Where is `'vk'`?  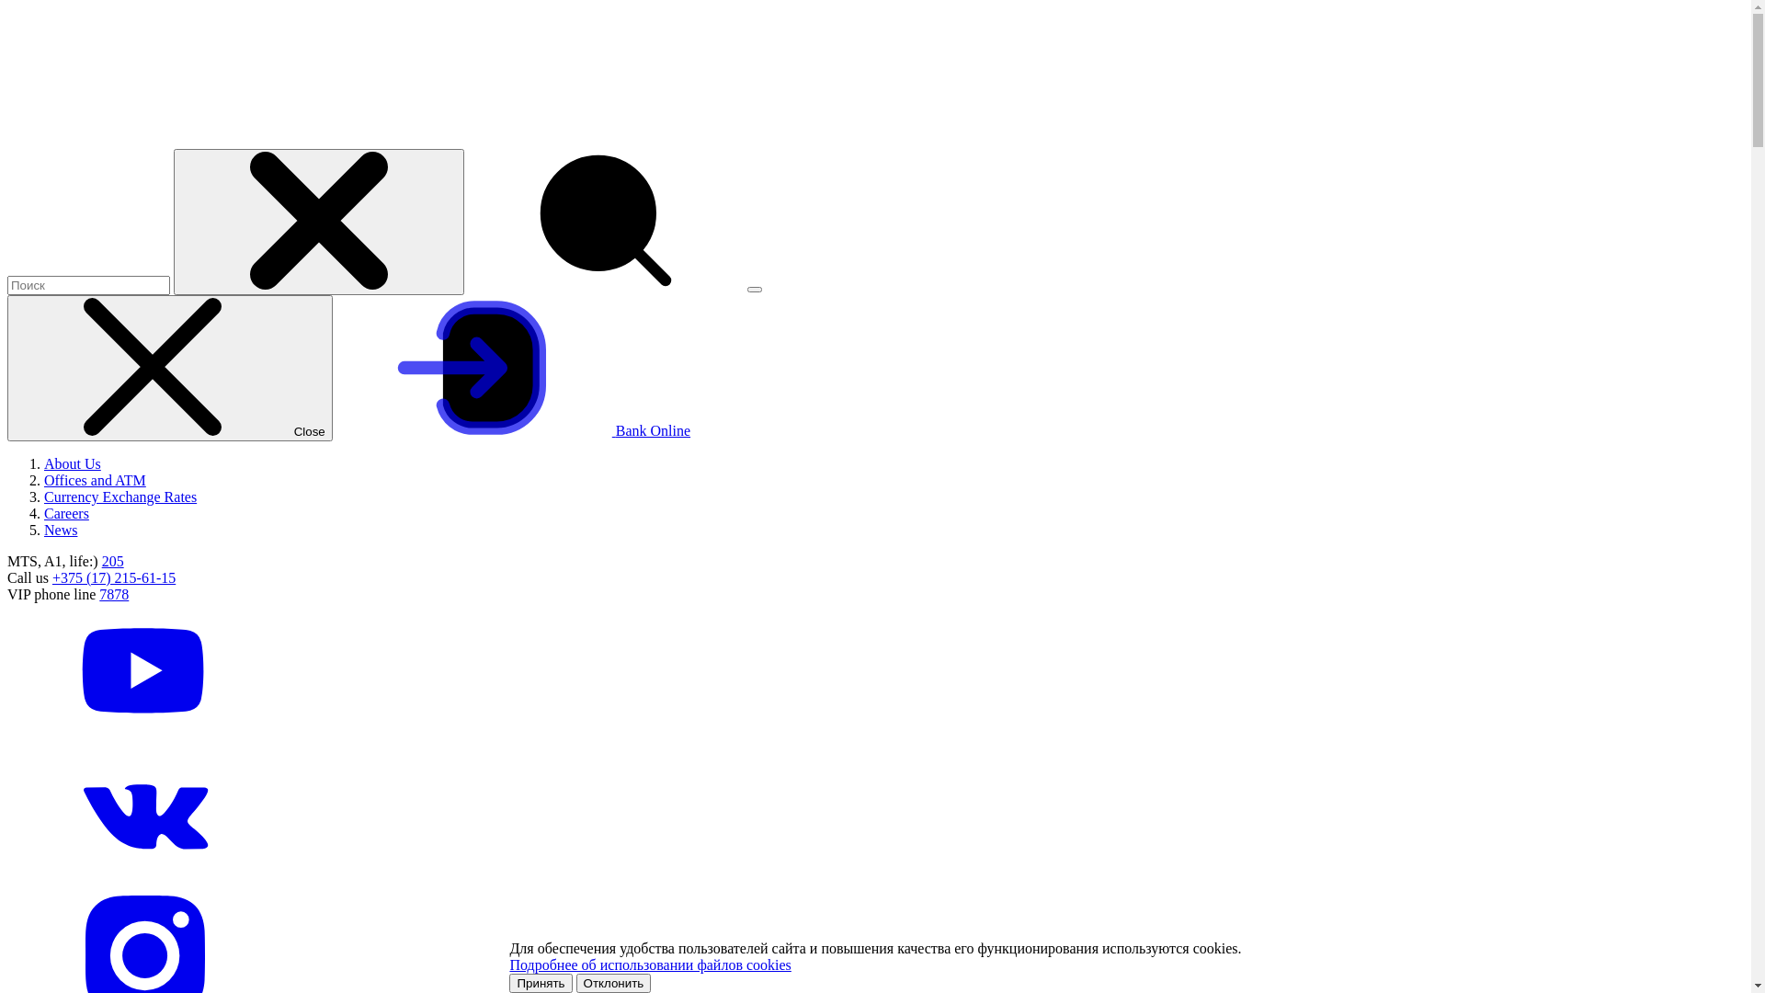
'vk' is located at coordinates (144, 876).